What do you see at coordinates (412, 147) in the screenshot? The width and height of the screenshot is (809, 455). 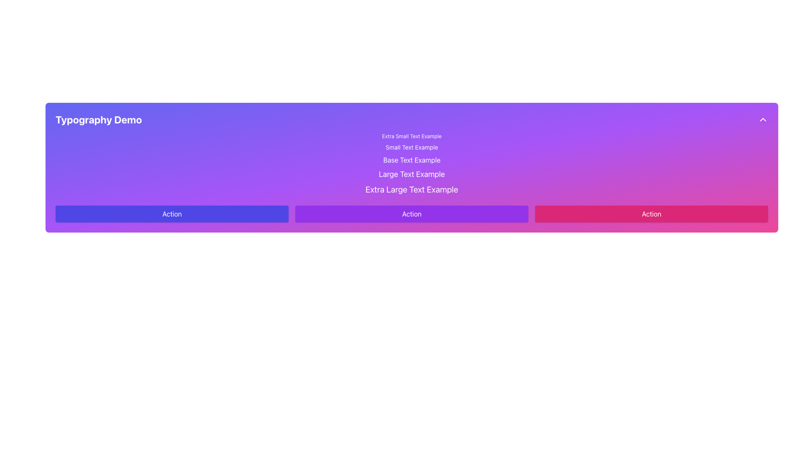 I see `the Text Label element reading 'Small Text Example'` at bounding box center [412, 147].